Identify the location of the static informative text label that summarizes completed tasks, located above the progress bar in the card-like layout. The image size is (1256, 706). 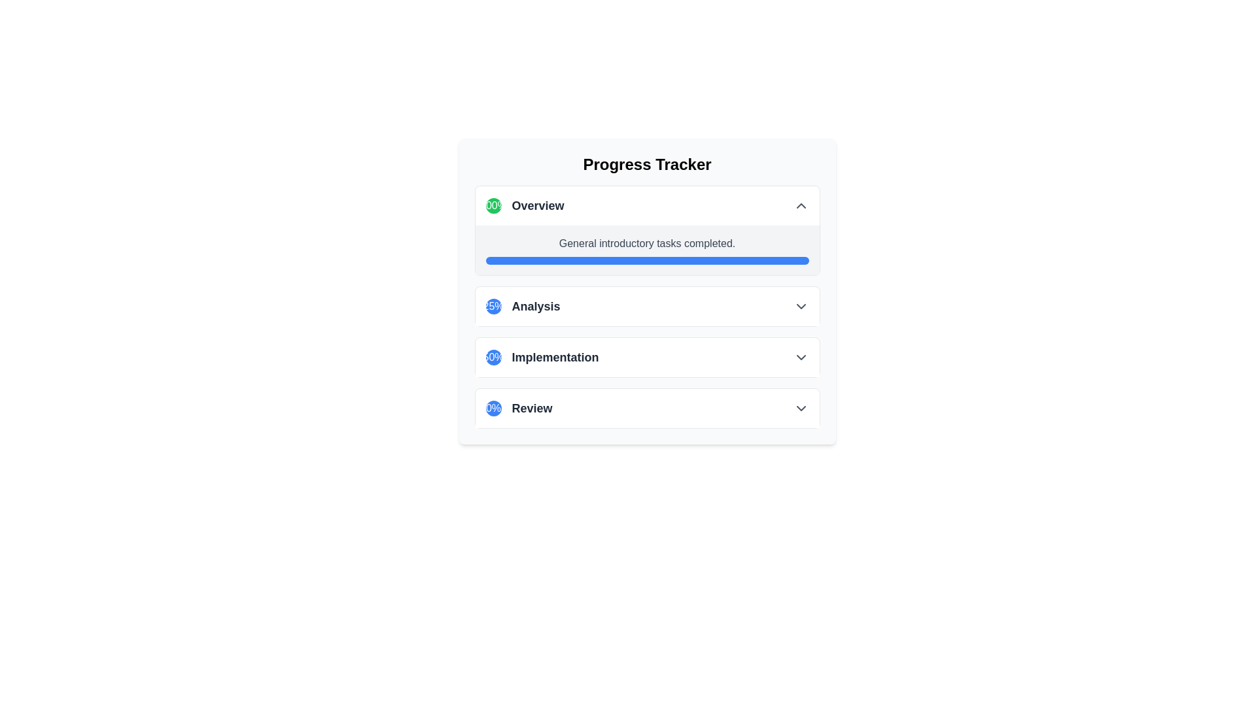
(647, 244).